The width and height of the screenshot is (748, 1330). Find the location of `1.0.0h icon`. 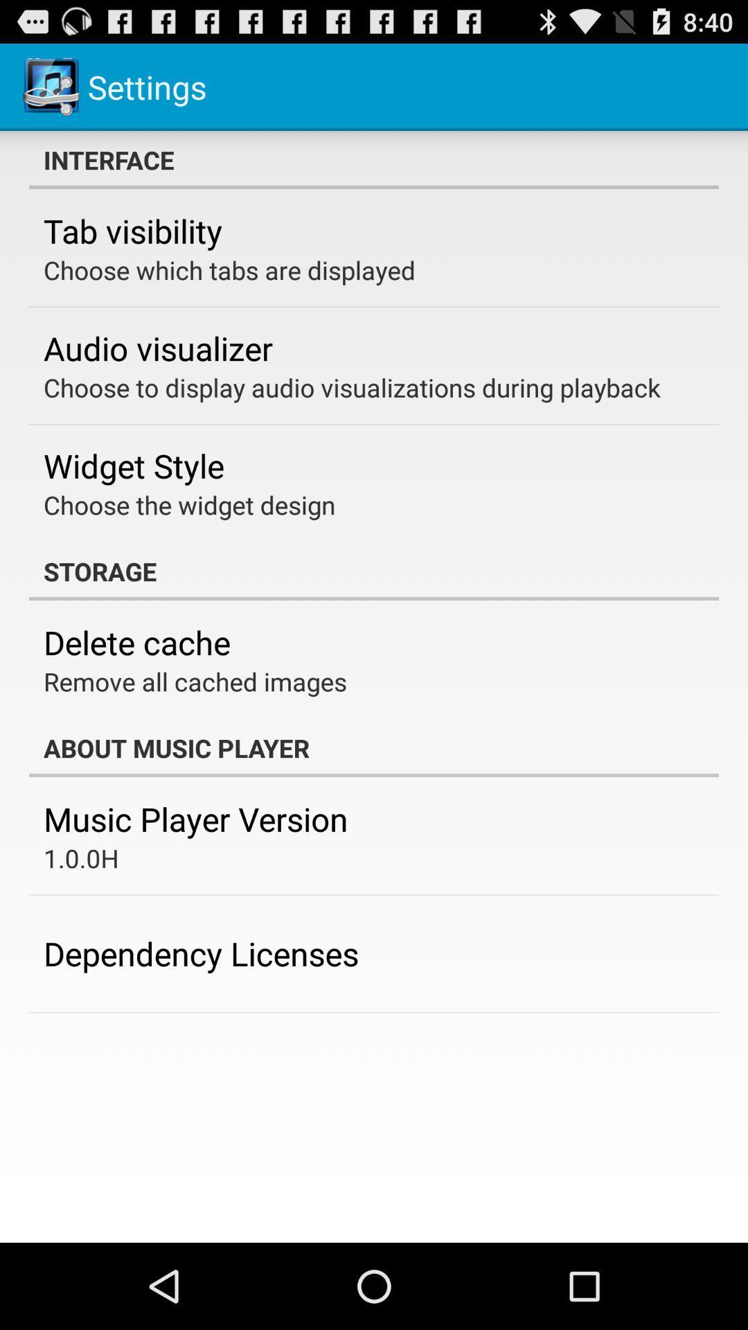

1.0.0h icon is located at coordinates (81, 857).